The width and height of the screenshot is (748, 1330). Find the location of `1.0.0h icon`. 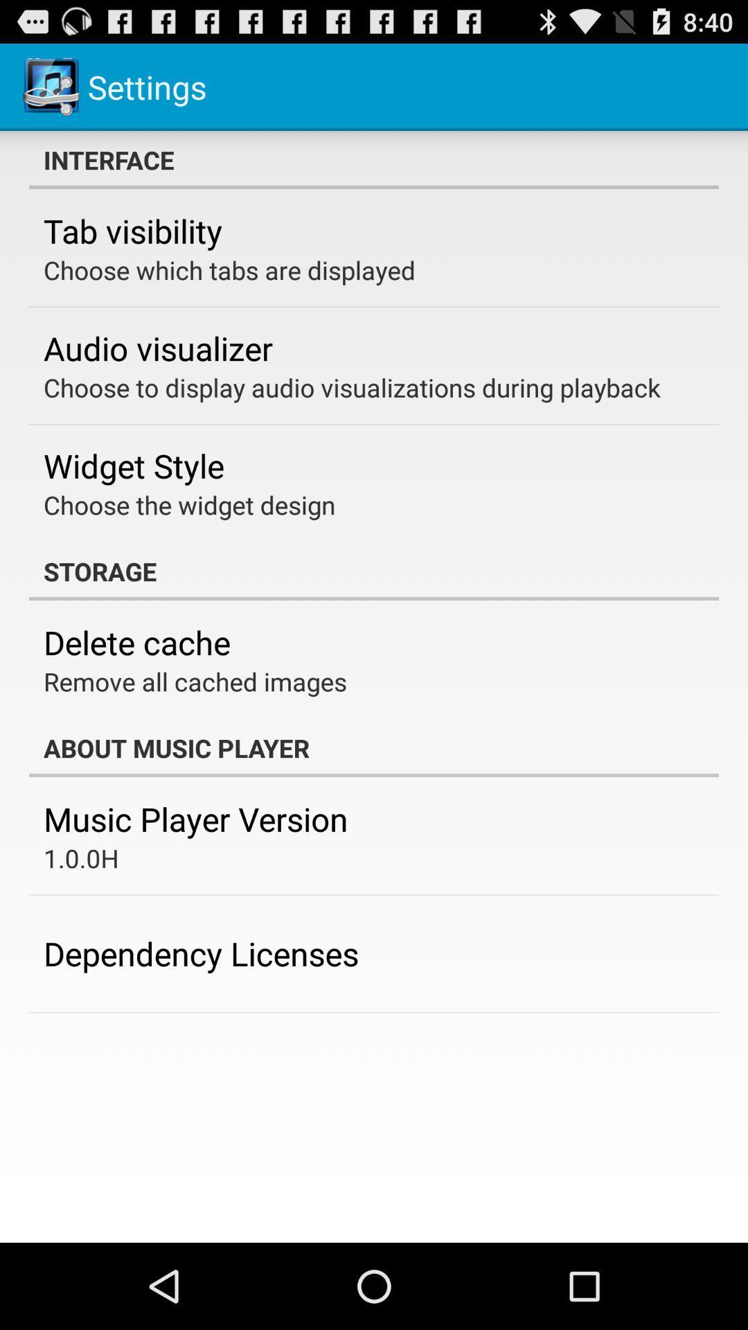

1.0.0h icon is located at coordinates (81, 857).